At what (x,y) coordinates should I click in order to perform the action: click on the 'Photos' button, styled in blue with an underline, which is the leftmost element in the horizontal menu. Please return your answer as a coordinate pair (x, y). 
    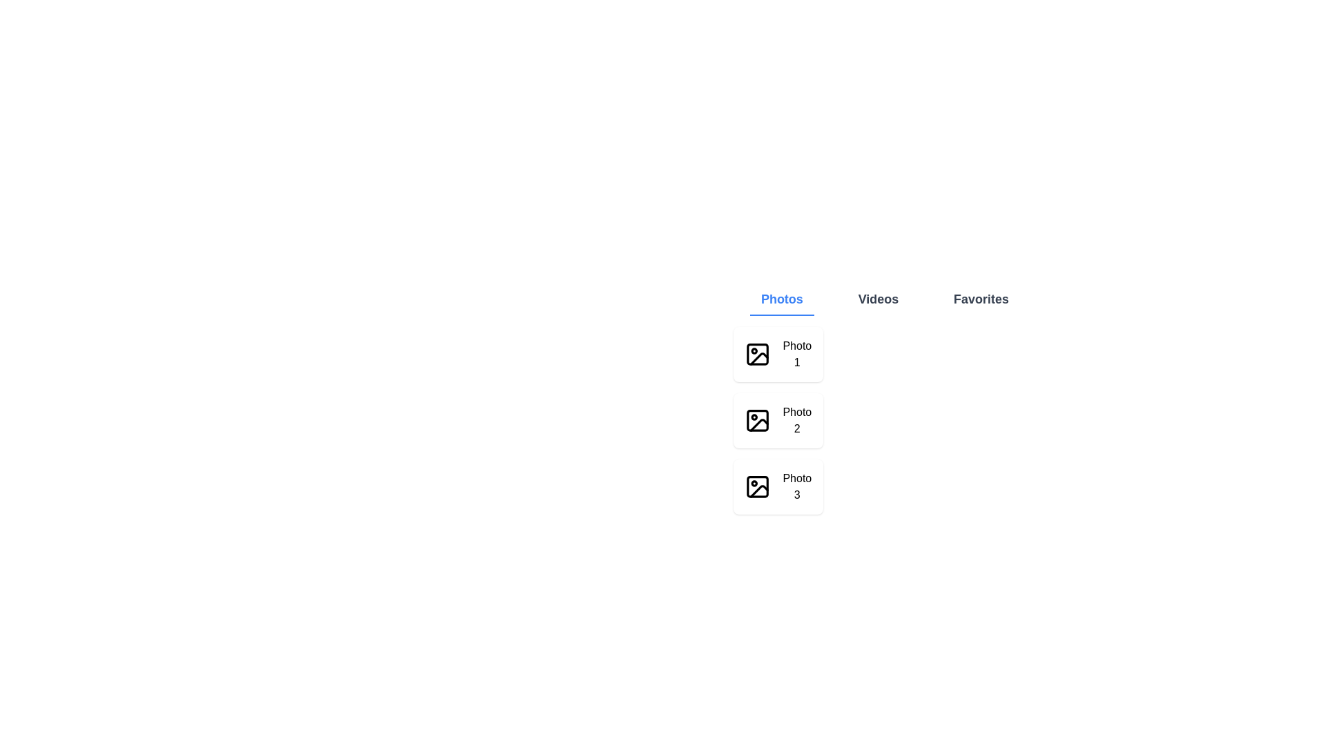
    Looking at the image, I should click on (781, 299).